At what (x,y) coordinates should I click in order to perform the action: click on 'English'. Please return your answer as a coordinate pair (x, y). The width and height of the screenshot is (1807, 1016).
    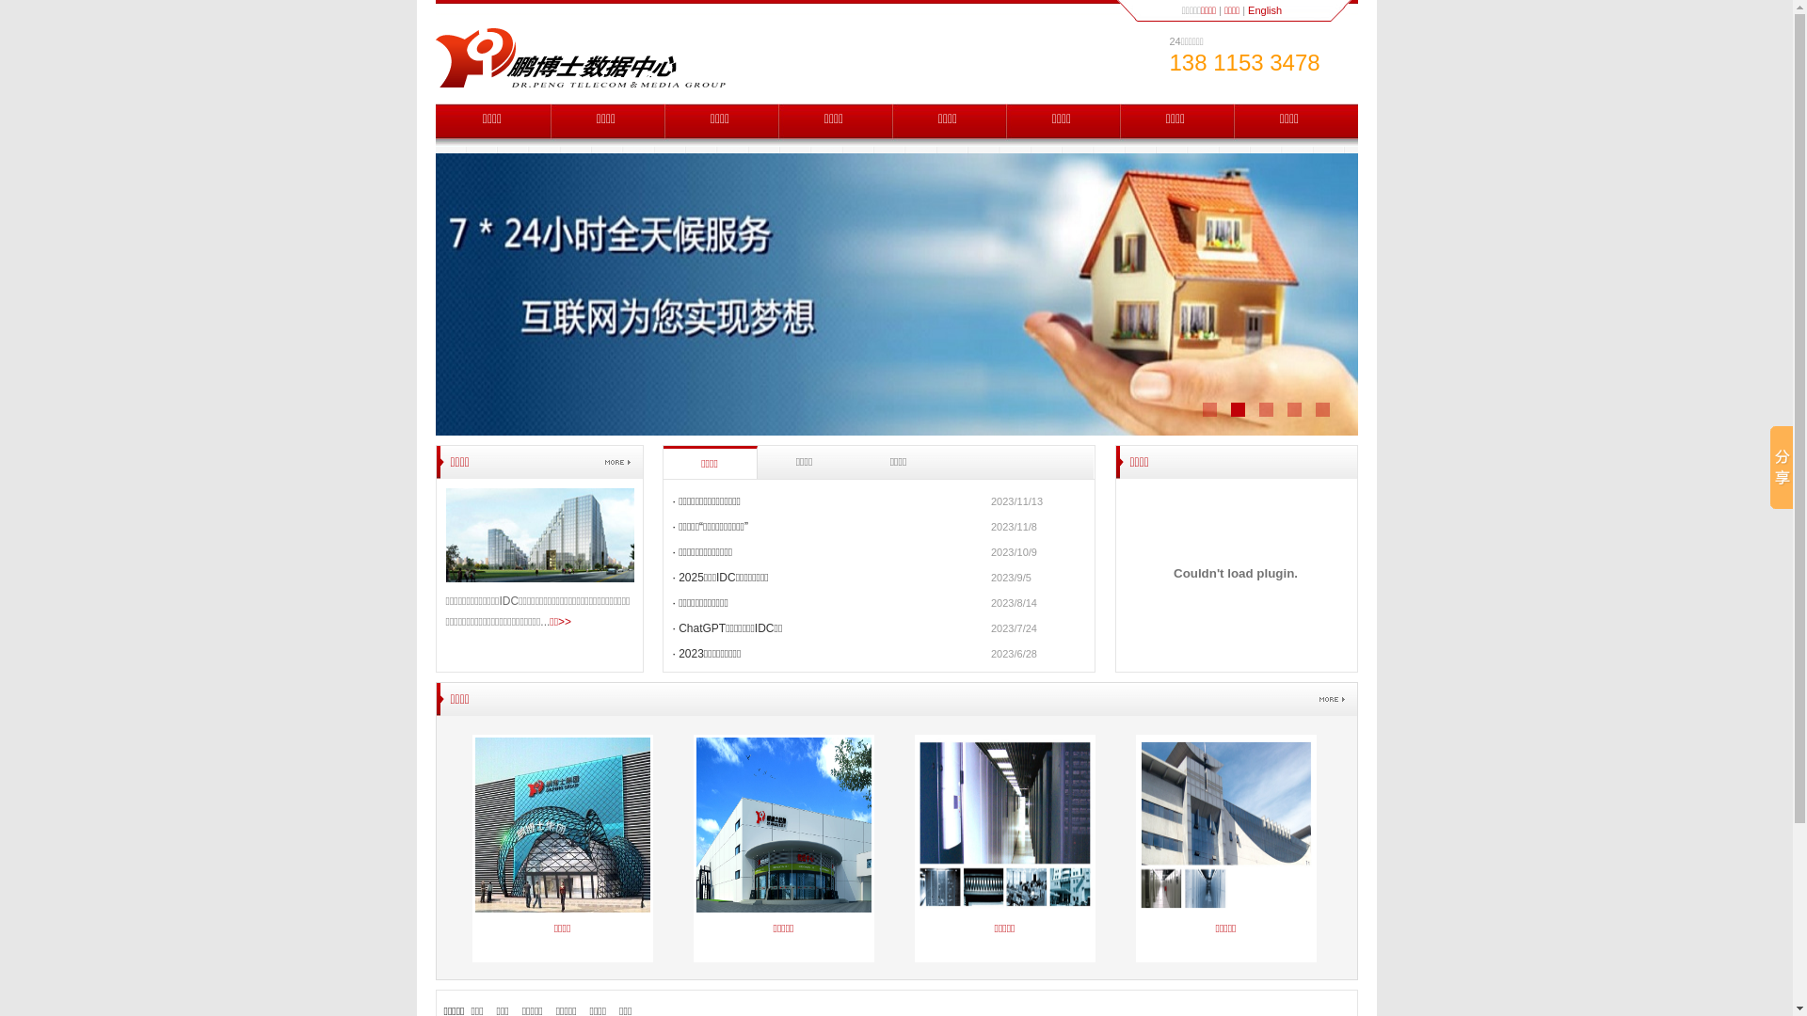
    Looking at the image, I should click on (1265, 10).